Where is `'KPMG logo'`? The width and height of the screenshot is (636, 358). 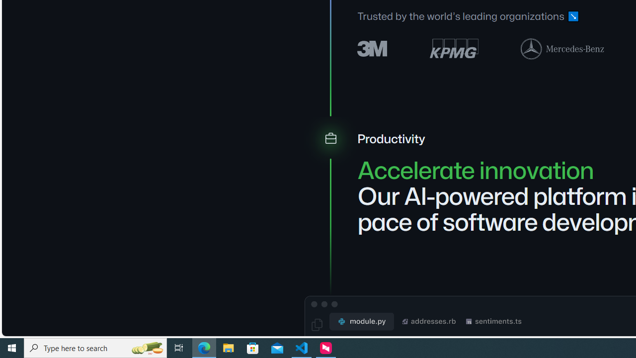
'KPMG logo' is located at coordinates (453, 48).